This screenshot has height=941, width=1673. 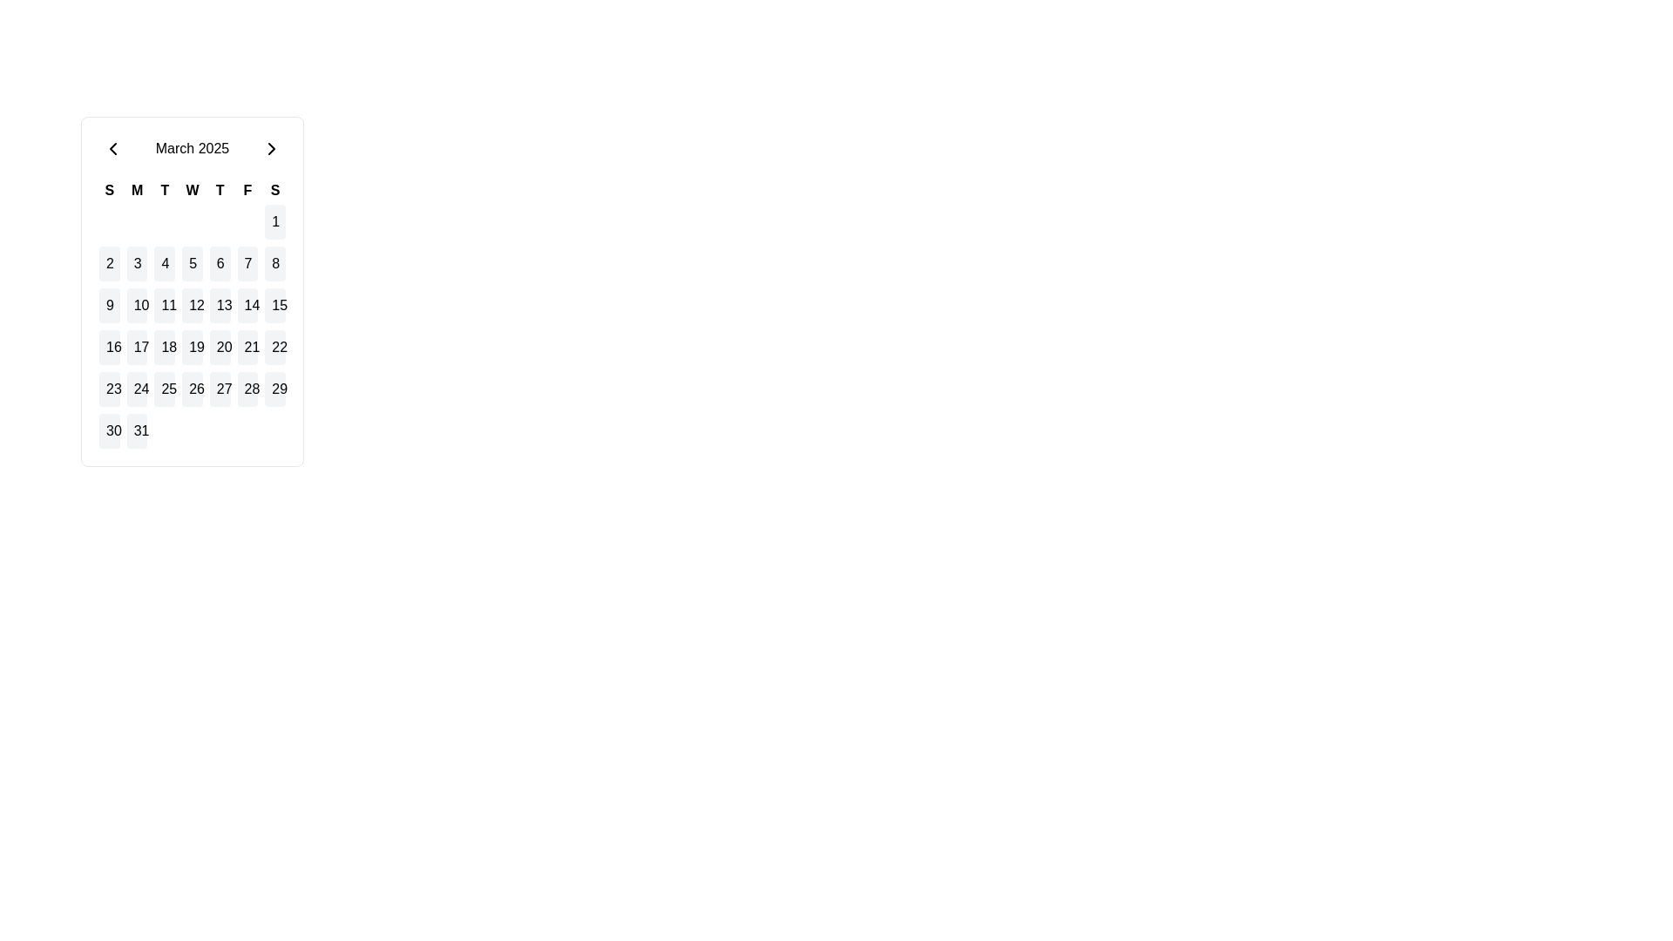 What do you see at coordinates (192, 389) in the screenshot?
I see `the clickable calendar day cell representing the 26th day, located in the last row and fifth column of the calendar` at bounding box center [192, 389].